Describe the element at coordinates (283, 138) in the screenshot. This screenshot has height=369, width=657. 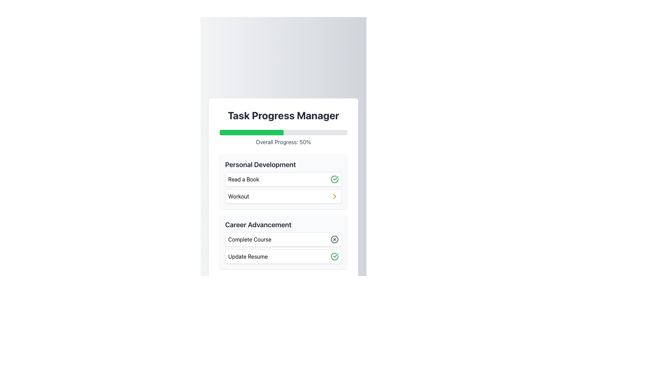
I see `the Progress indicator located below the 'Task Progress Manager' header, which visually represents the overall progress of a task or project` at that location.